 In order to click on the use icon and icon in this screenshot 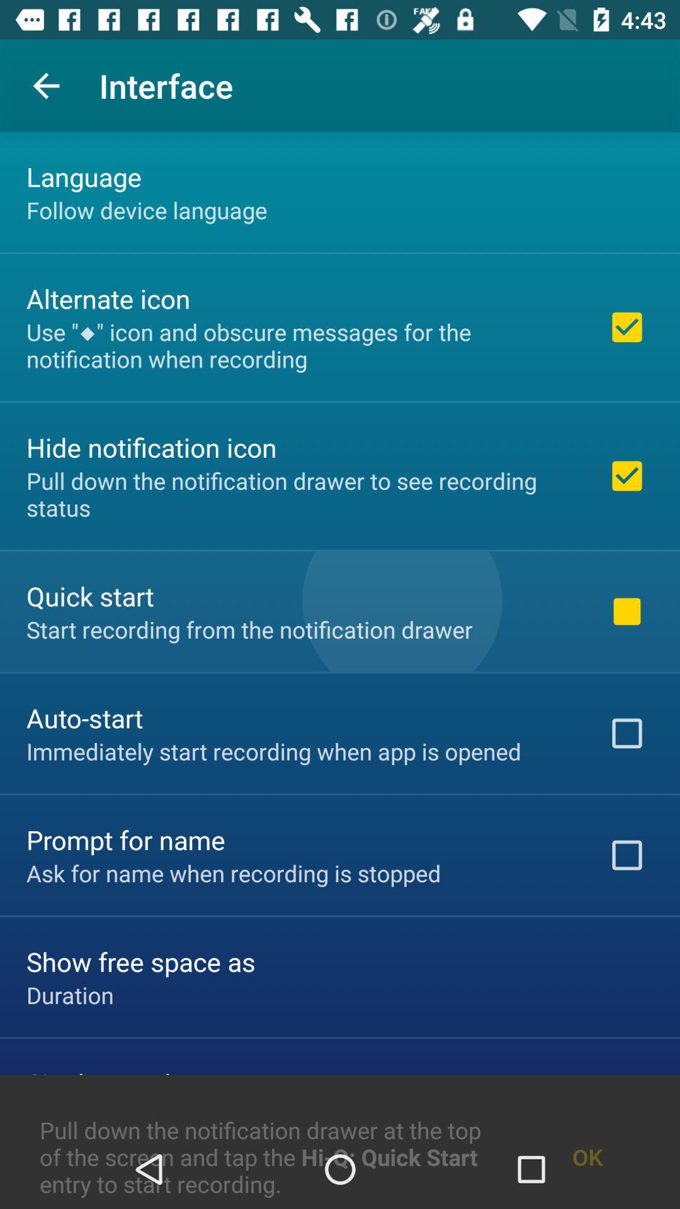, I will do `click(300, 345)`.